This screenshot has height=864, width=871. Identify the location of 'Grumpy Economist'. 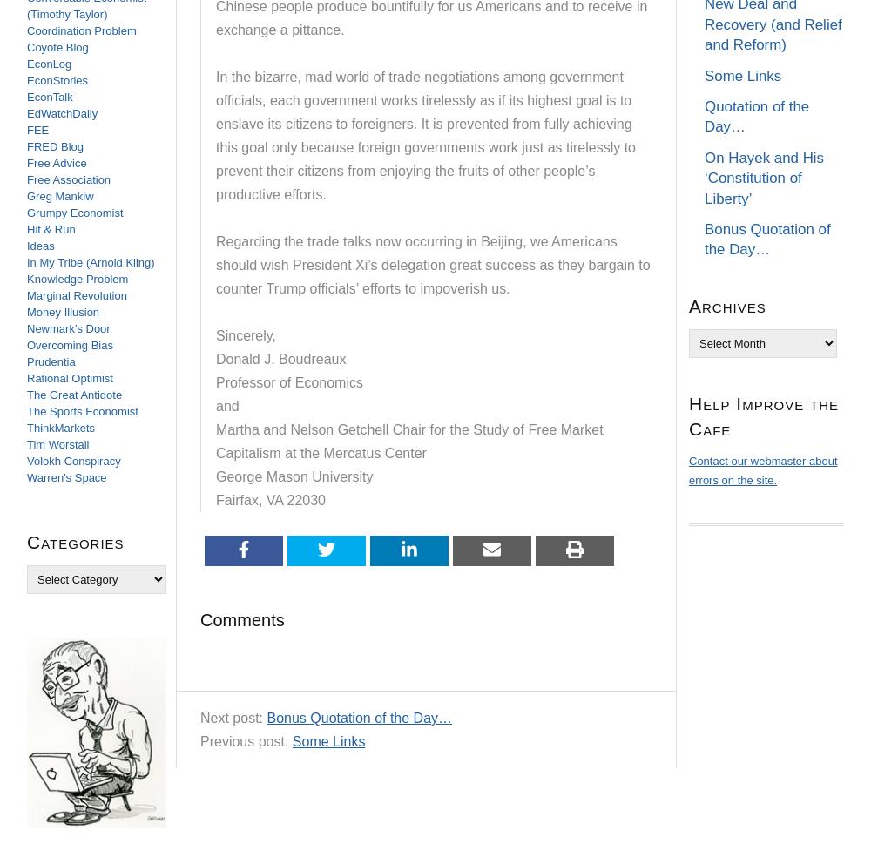
(74, 213).